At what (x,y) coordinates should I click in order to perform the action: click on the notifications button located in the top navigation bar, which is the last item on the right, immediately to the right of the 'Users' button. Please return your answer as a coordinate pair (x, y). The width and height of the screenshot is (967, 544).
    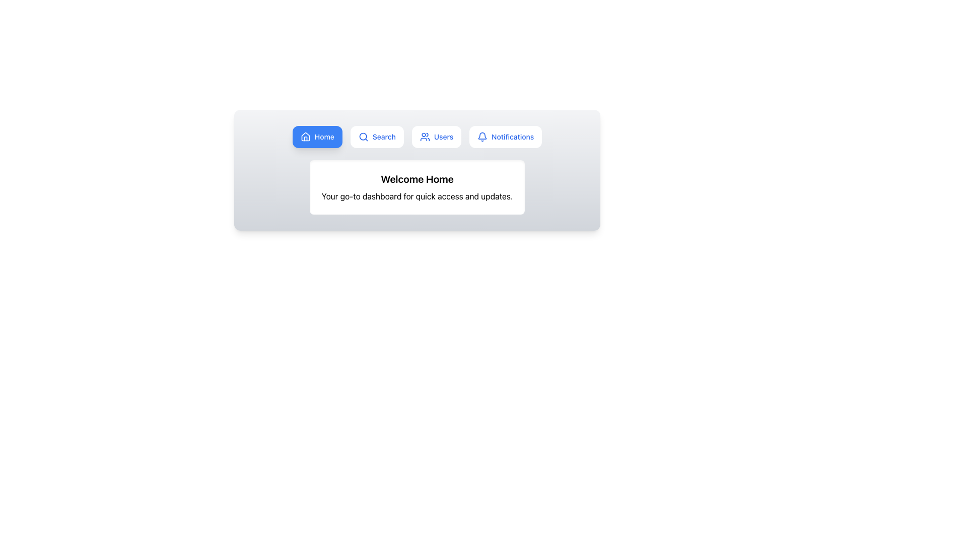
    Looking at the image, I should click on (505, 137).